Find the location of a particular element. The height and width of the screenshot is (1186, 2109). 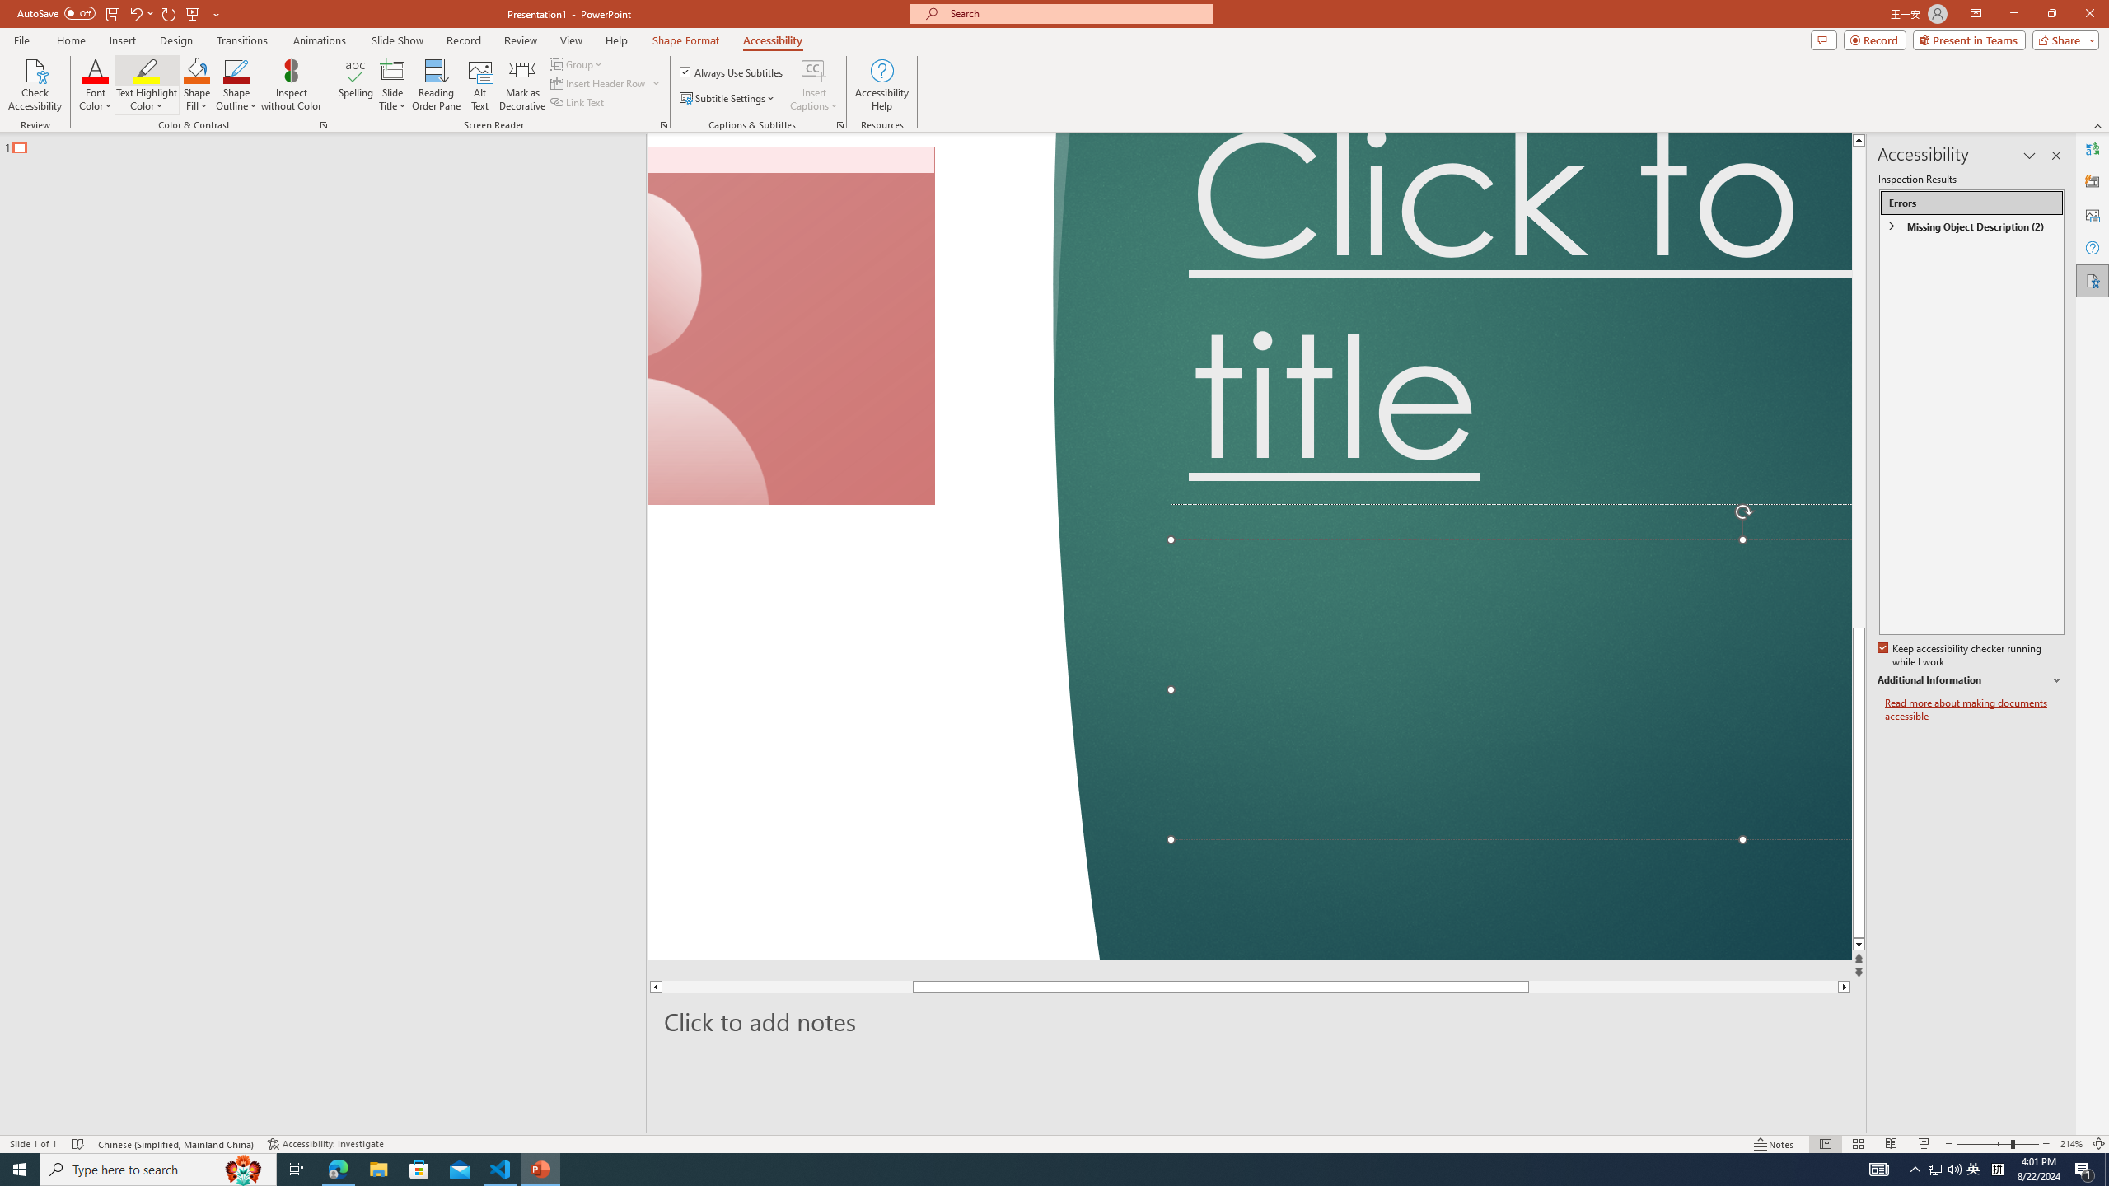

'Mark as Decorative' is located at coordinates (521, 85).